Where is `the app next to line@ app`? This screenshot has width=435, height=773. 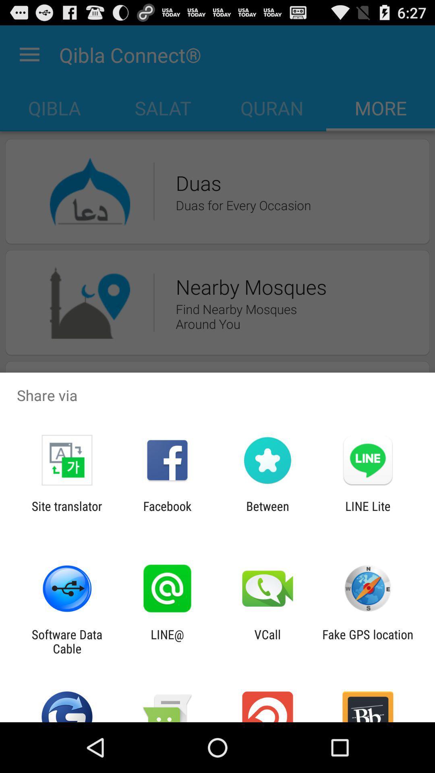
the app next to line@ app is located at coordinates (66, 641).